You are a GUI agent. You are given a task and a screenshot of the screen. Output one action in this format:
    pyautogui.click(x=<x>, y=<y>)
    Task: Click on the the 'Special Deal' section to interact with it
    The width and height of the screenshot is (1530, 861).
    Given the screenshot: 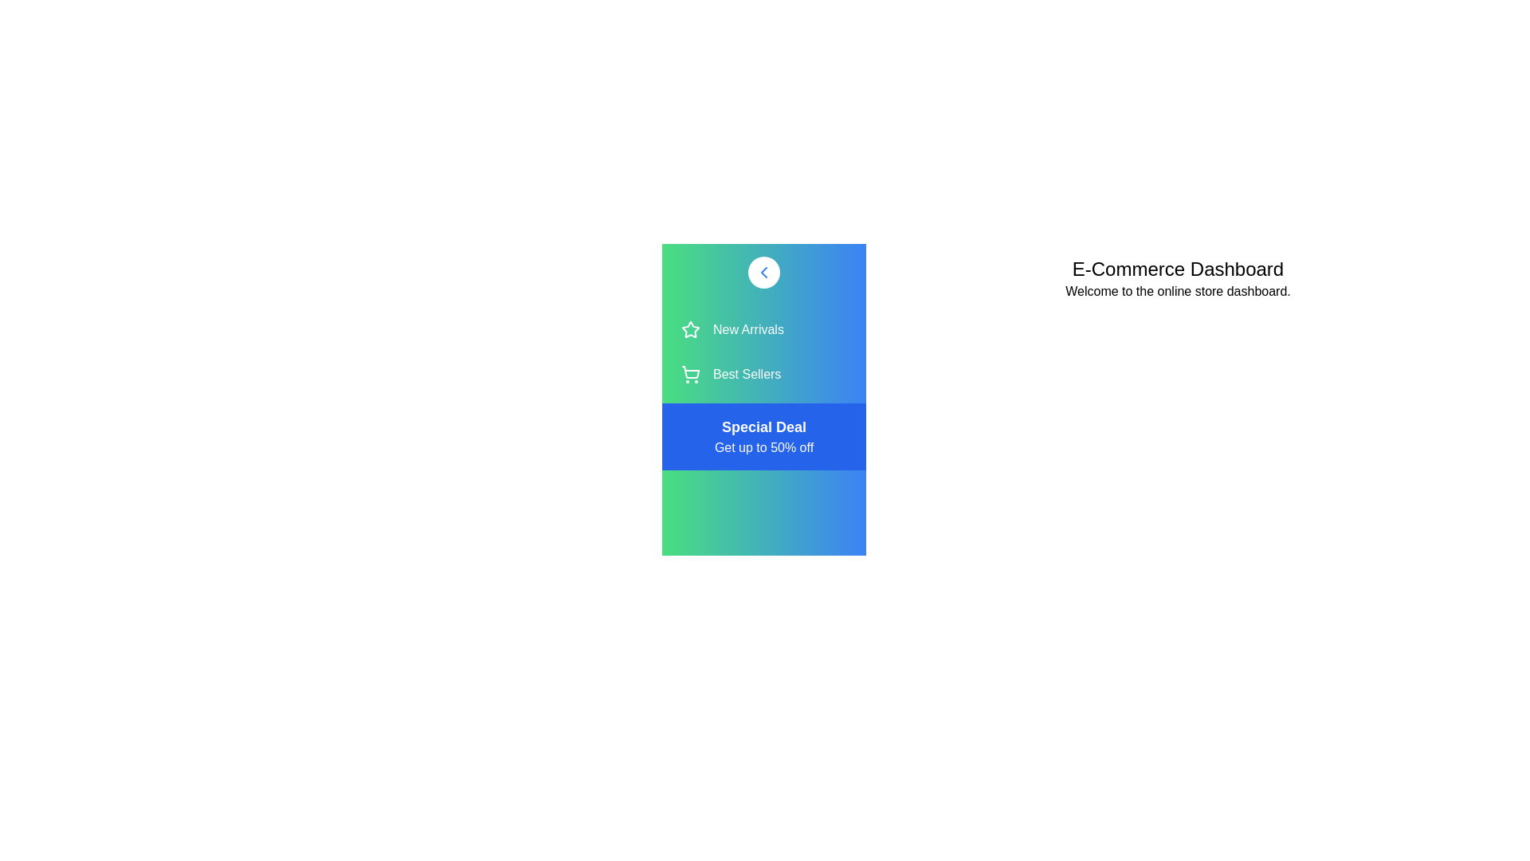 What is the action you would take?
    pyautogui.click(x=763, y=436)
    